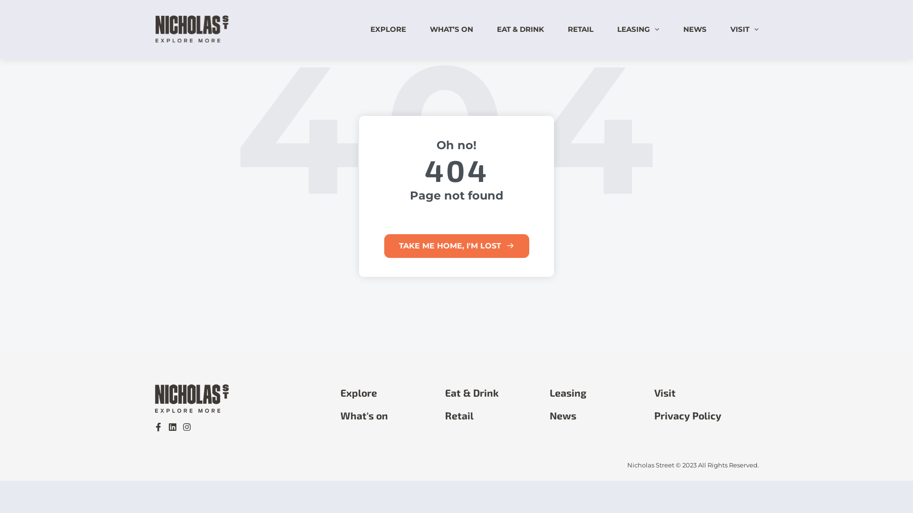  What do you see at coordinates (695, 28) in the screenshot?
I see `'NEWS'` at bounding box center [695, 28].